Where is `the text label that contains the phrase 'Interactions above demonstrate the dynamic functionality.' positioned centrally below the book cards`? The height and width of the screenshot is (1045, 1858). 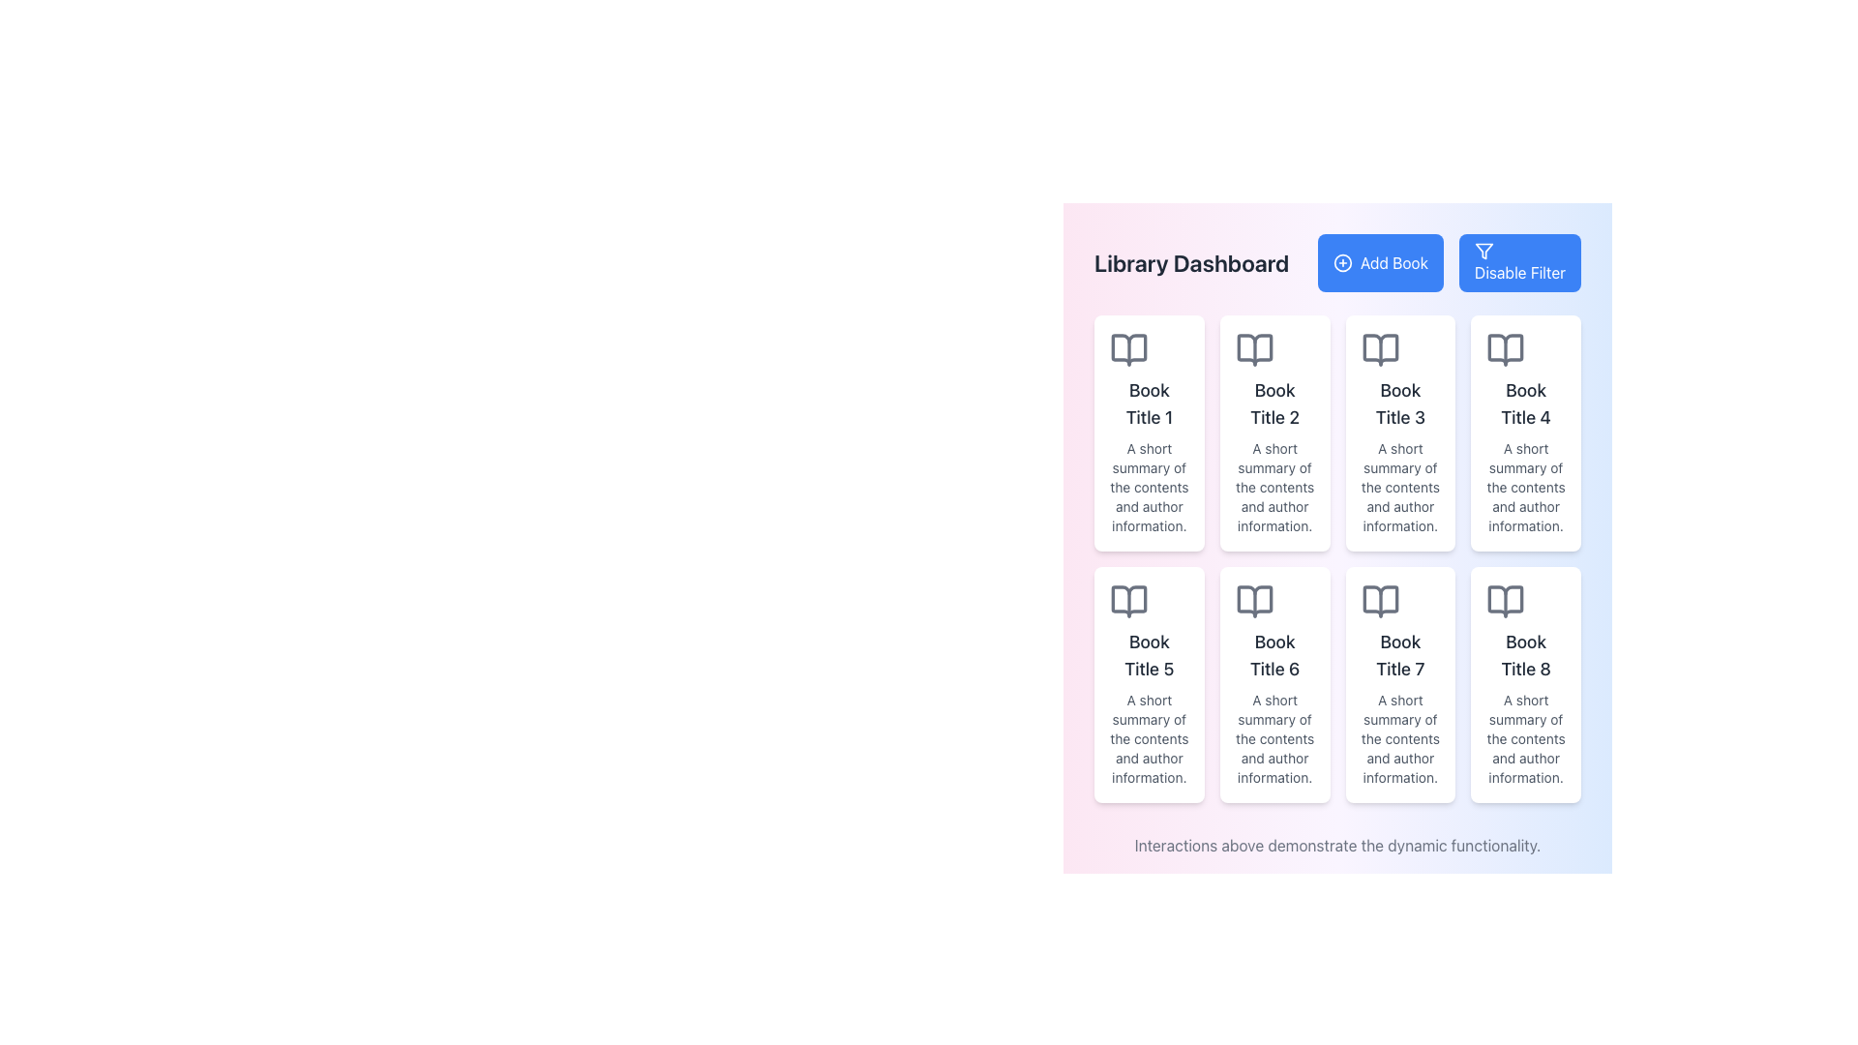
the text label that contains the phrase 'Interactions above demonstrate the dynamic functionality.' positioned centrally below the book cards is located at coordinates (1336, 845).